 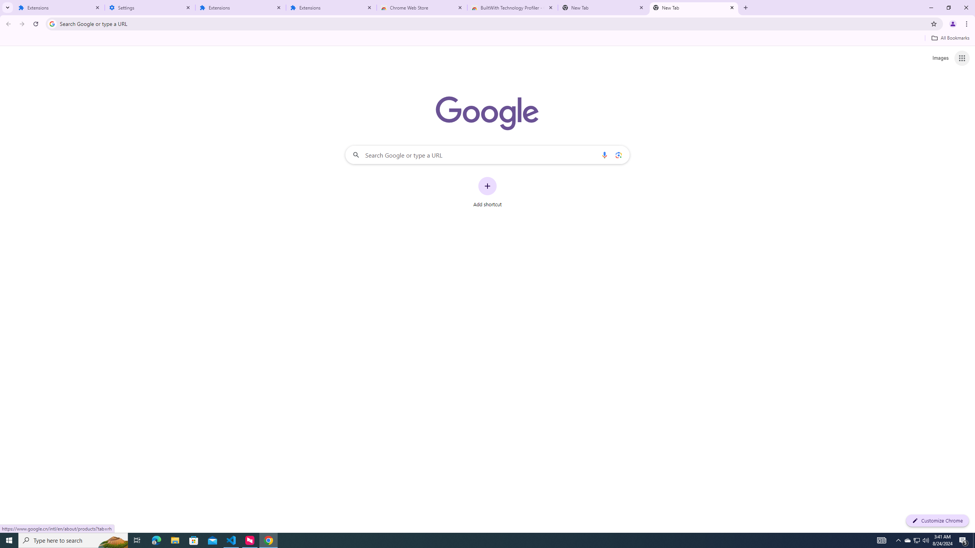 I want to click on 'Chrome Web Store', so click(x=422, y=7).